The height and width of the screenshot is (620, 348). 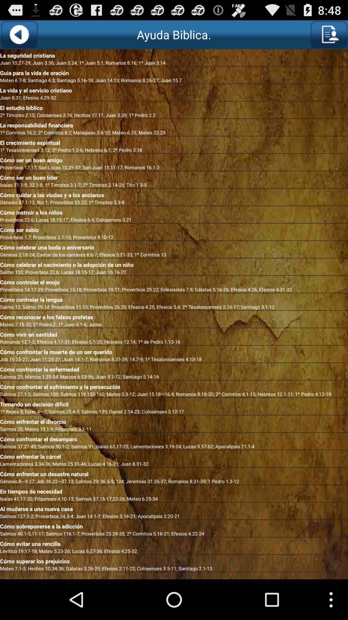 What do you see at coordinates (174, 333) in the screenshot?
I see `item below the mateo 7 15` at bounding box center [174, 333].